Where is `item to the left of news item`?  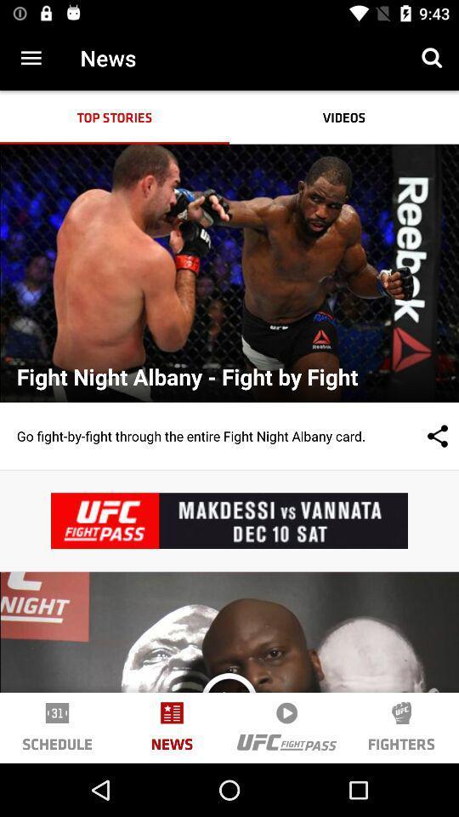
item to the left of news item is located at coordinates (31, 58).